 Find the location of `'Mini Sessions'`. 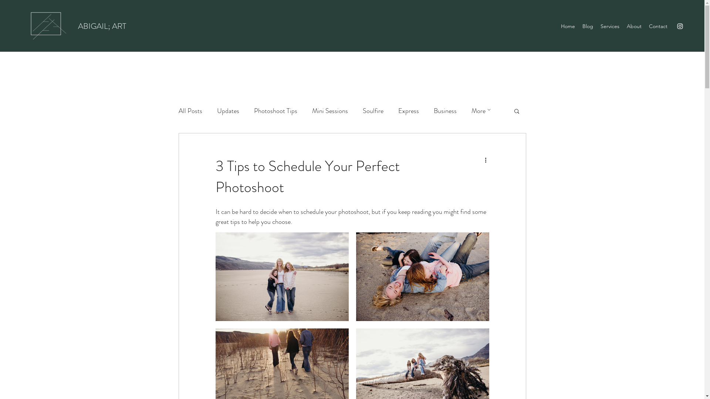

'Mini Sessions' is located at coordinates (329, 111).